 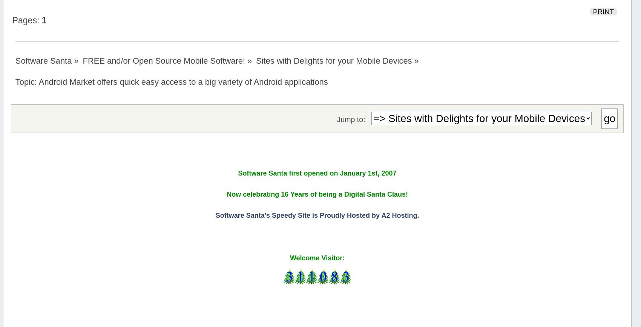 I want to click on 'Welcome Visitor:', so click(x=316, y=258).